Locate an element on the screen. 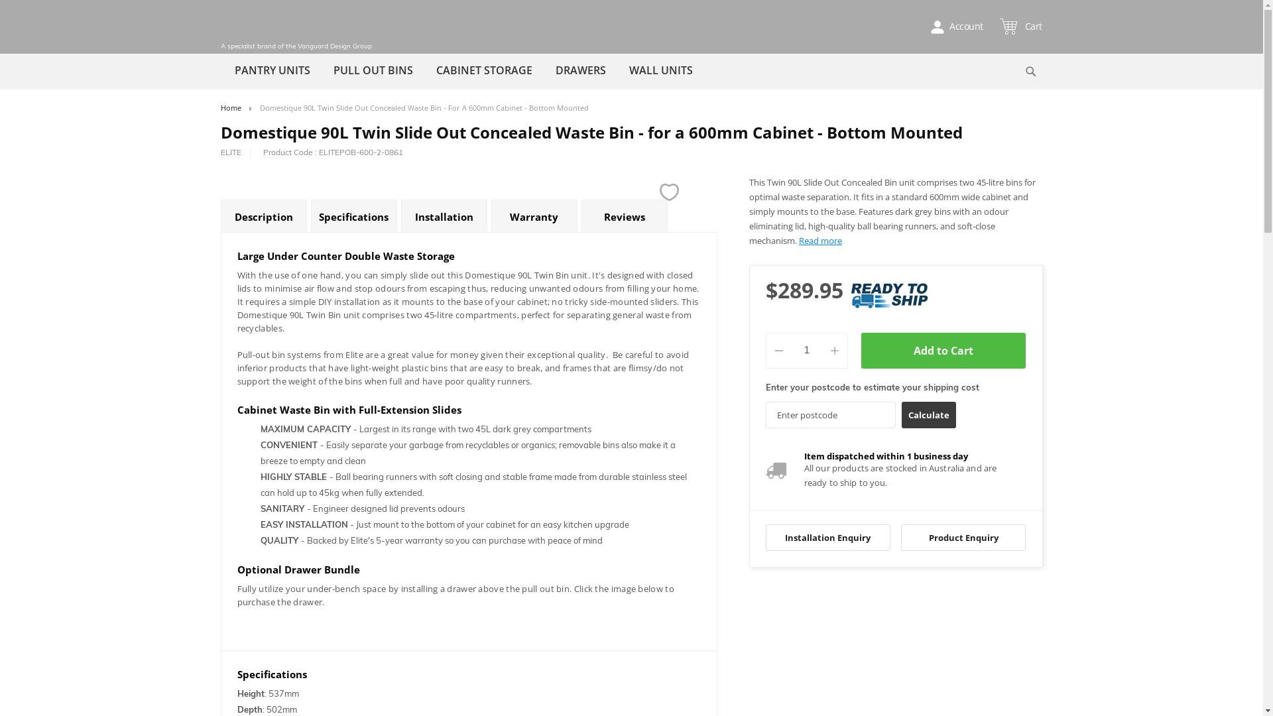 The image size is (1273, 716). 'Account' is located at coordinates (922, 26).